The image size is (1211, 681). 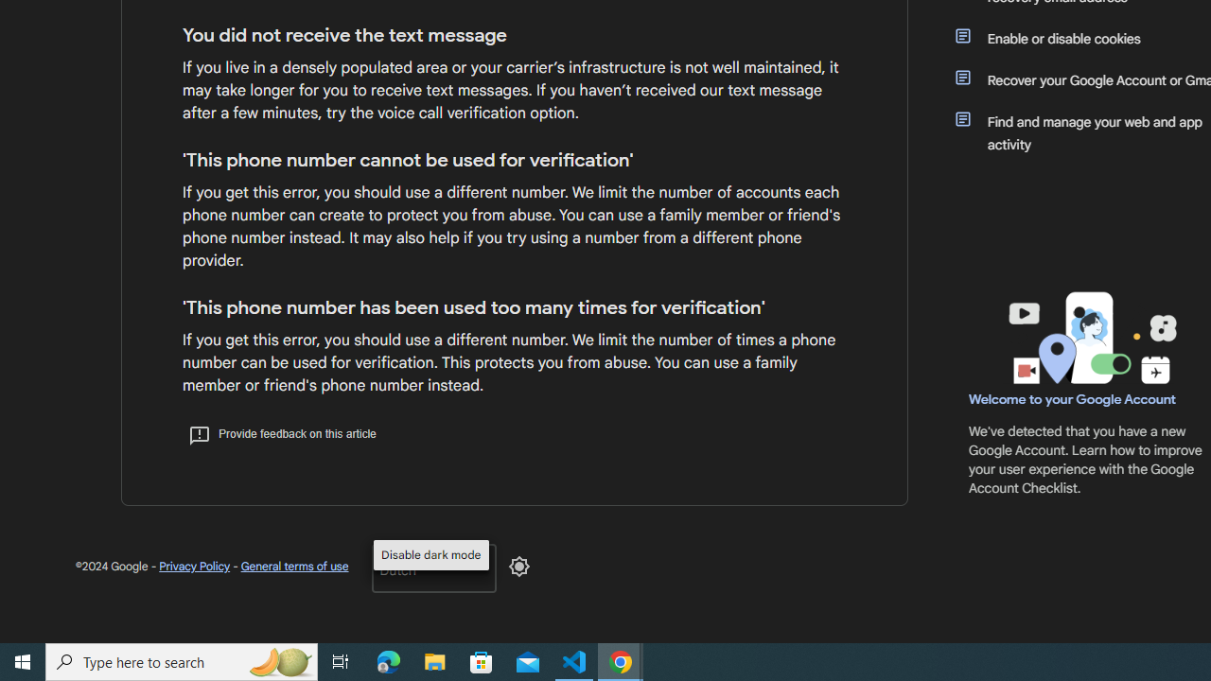 I want to click on 'General terms of use', so click(x=293, y=565).